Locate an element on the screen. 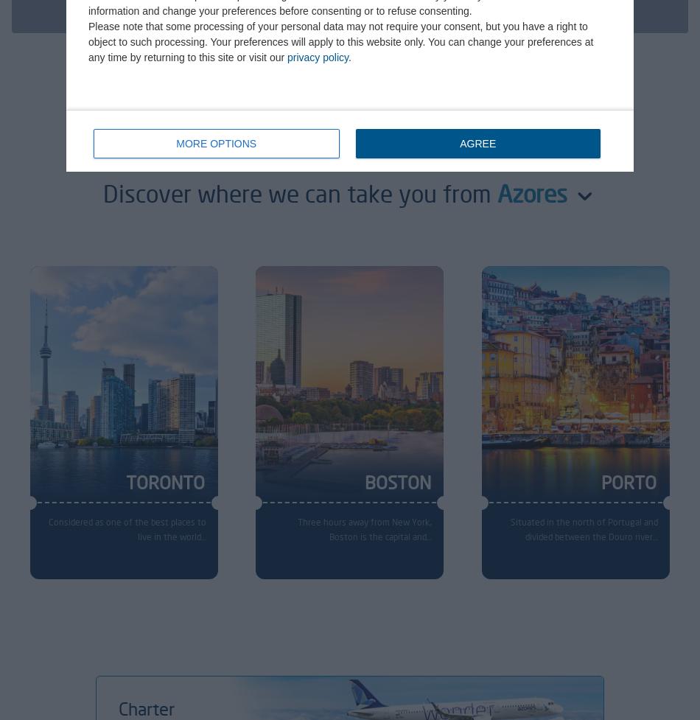 The width and height of the screenshot is (700, 720). 'PORTO' is located at coordinates (600, 482).